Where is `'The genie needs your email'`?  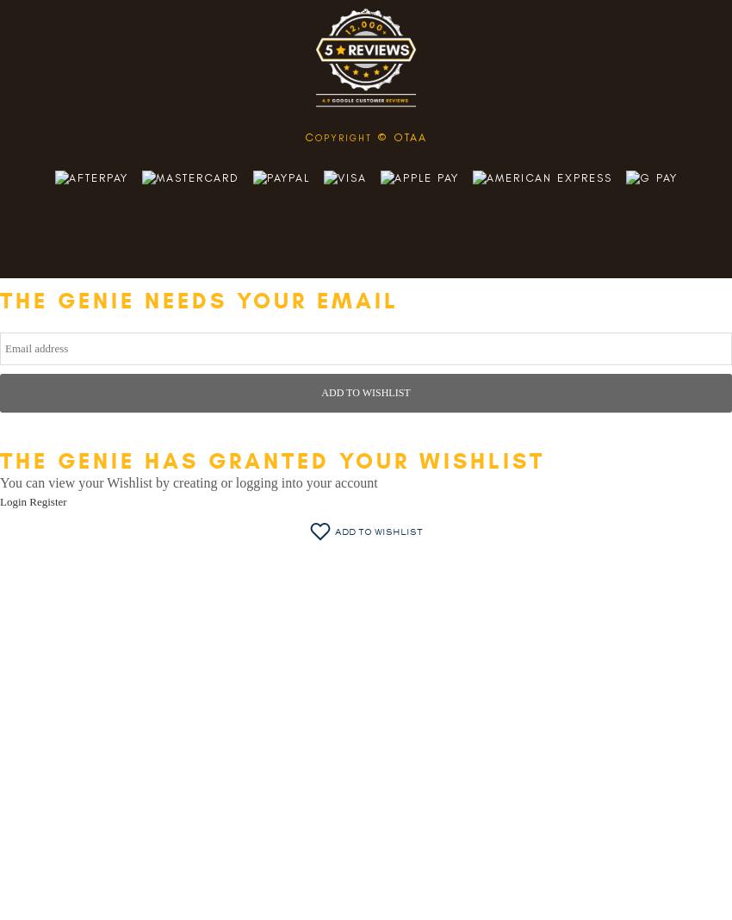
'The genie needs your email' is located at coordinates (199, 300).